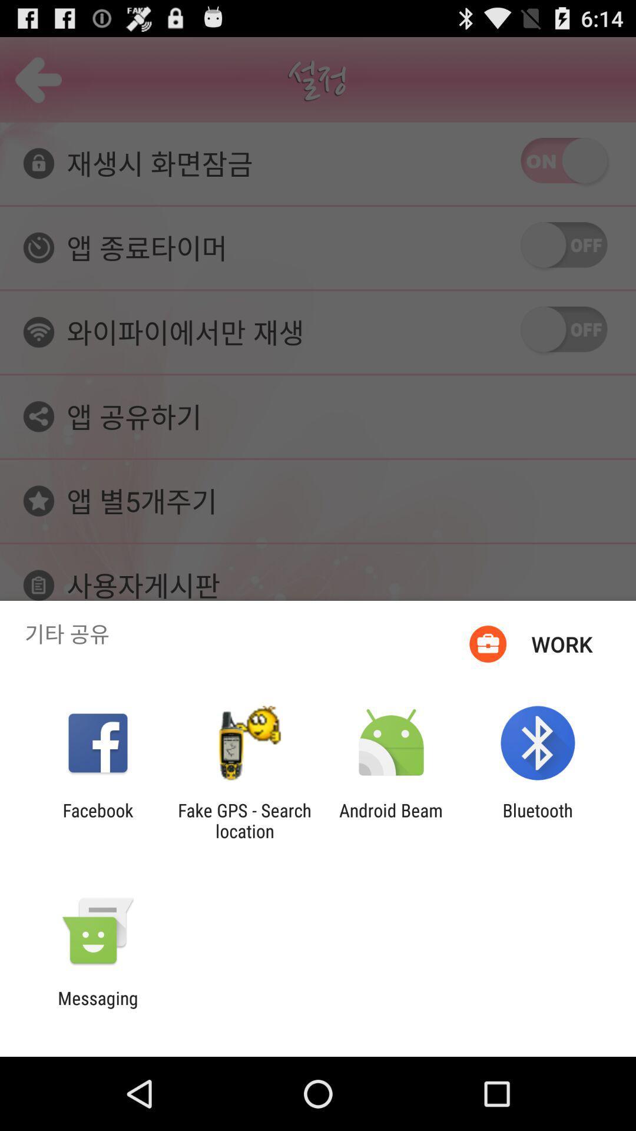 The width and height of the screenshot is (636, 1131). Describe the element at coordinates (244, 820) in the screenshot. I see `item to the left of the android beam item` at that location.